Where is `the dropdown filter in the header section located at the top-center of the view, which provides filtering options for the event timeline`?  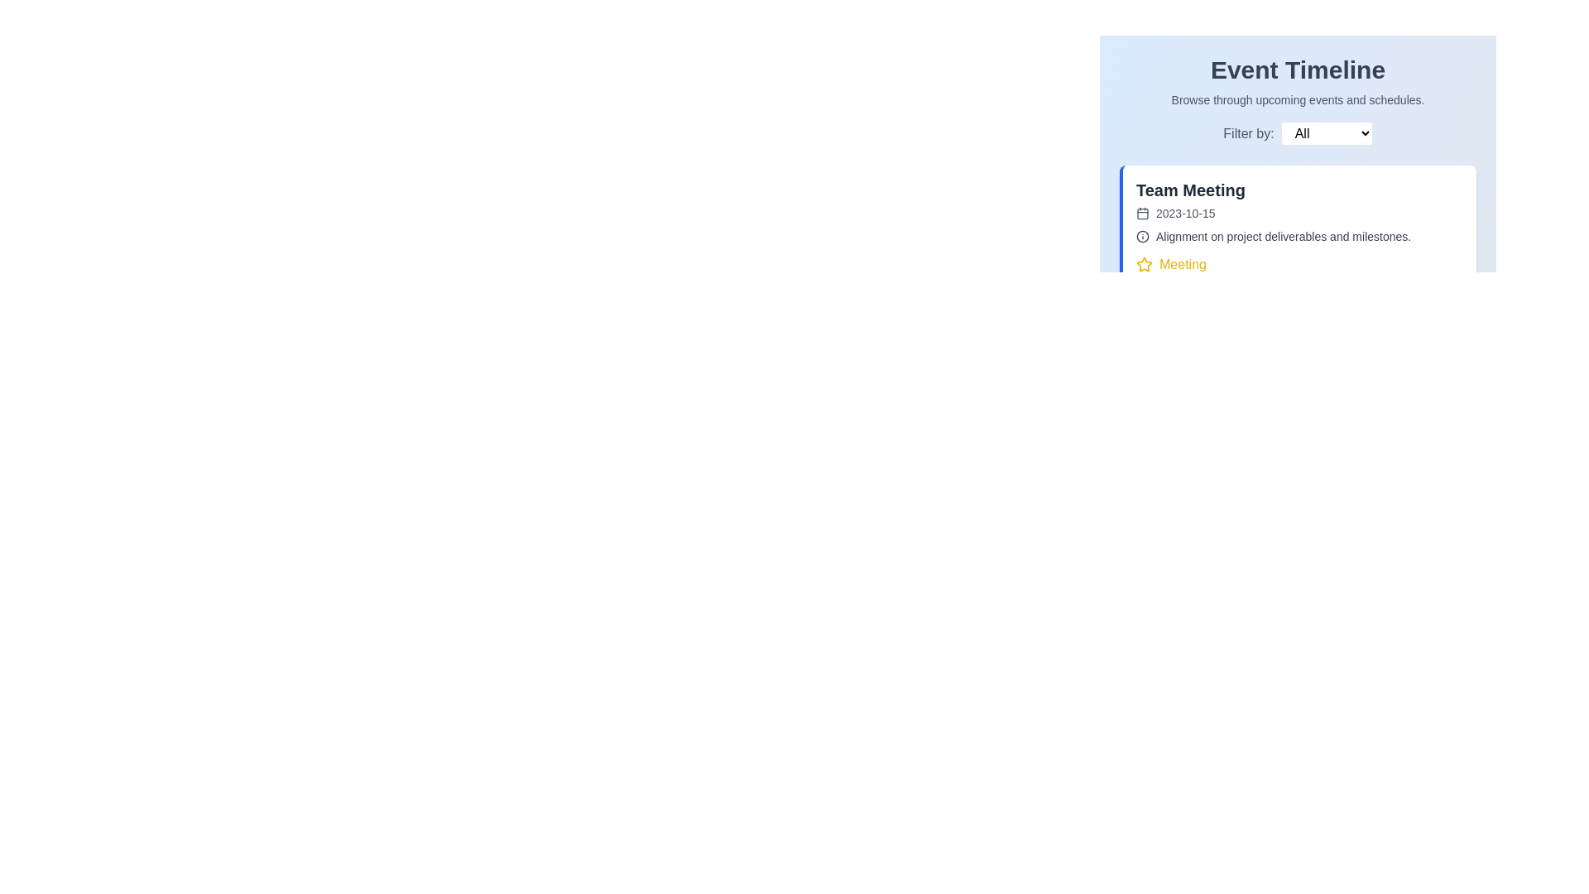
the dropdown filter in the header section located at the top-center of the view, which provides filtering options for the event timeline is located at coordinates (1297, 100).